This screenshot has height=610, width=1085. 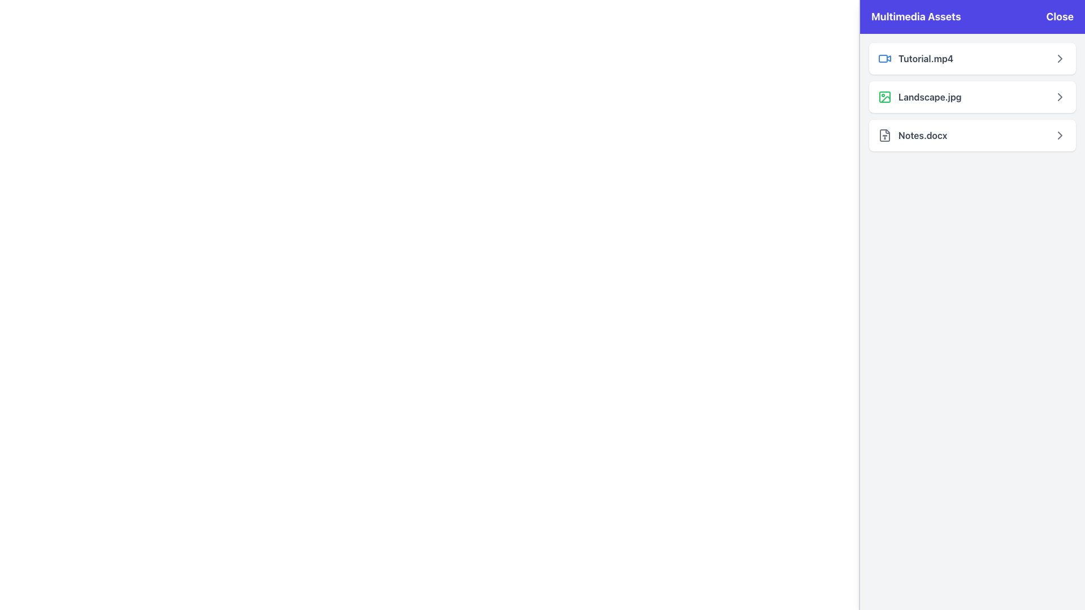 What do you see at coordinates (972, 59) in the screenshot?
I see `the card labeled 'Tutorial.mp4' which is the first item in the vertical list of file items in the right-hand sidebar` at bounding box center [972, 59].